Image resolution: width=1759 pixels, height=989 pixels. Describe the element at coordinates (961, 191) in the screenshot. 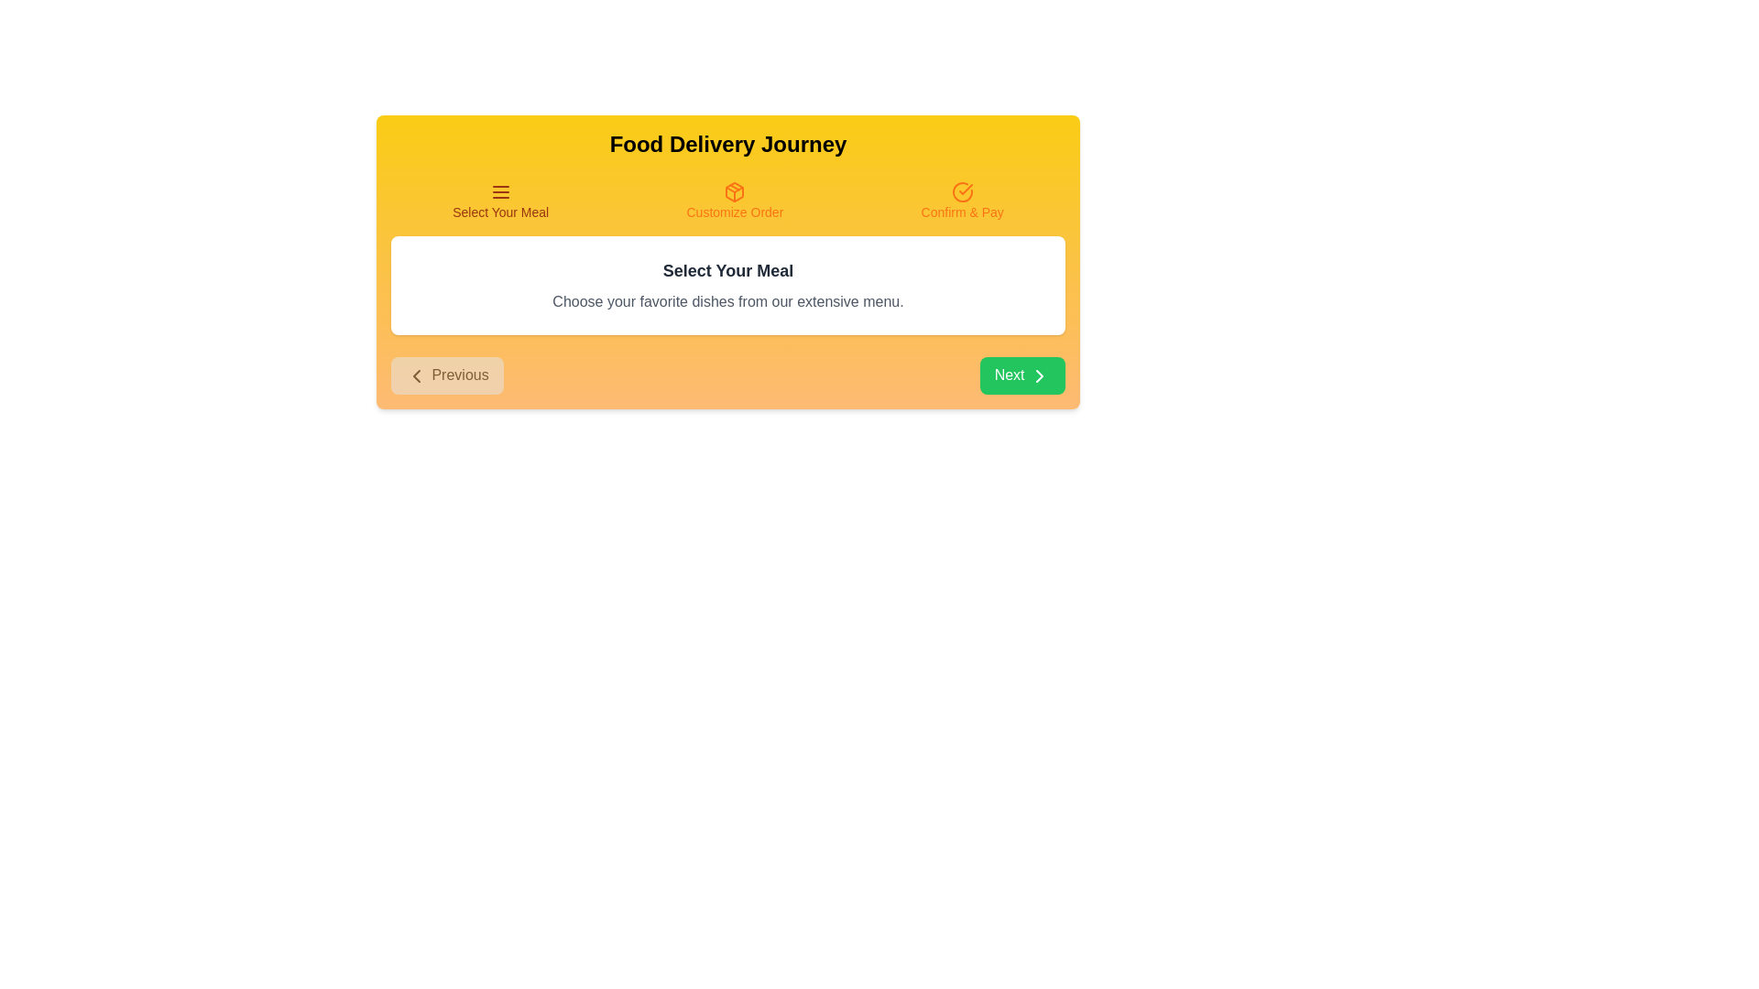

I see `the completion or confirmation status Icon located in the 'Confirm & Pay' area, positioned to the far right within the navigation bar` at that location.